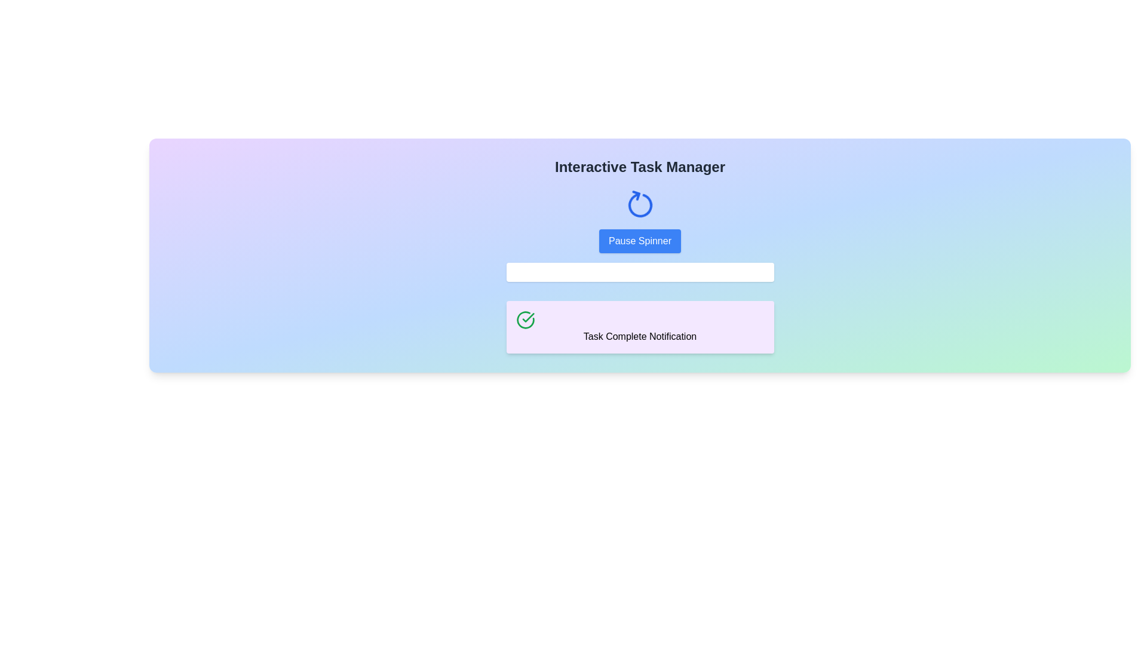 The width and height of the screenshot is (1147, 645). Describe the element at coordinates (528, 317) in the screenshot. I see `the green circle icon indicating task completion located at the top-left corner of the notification card` at that location.